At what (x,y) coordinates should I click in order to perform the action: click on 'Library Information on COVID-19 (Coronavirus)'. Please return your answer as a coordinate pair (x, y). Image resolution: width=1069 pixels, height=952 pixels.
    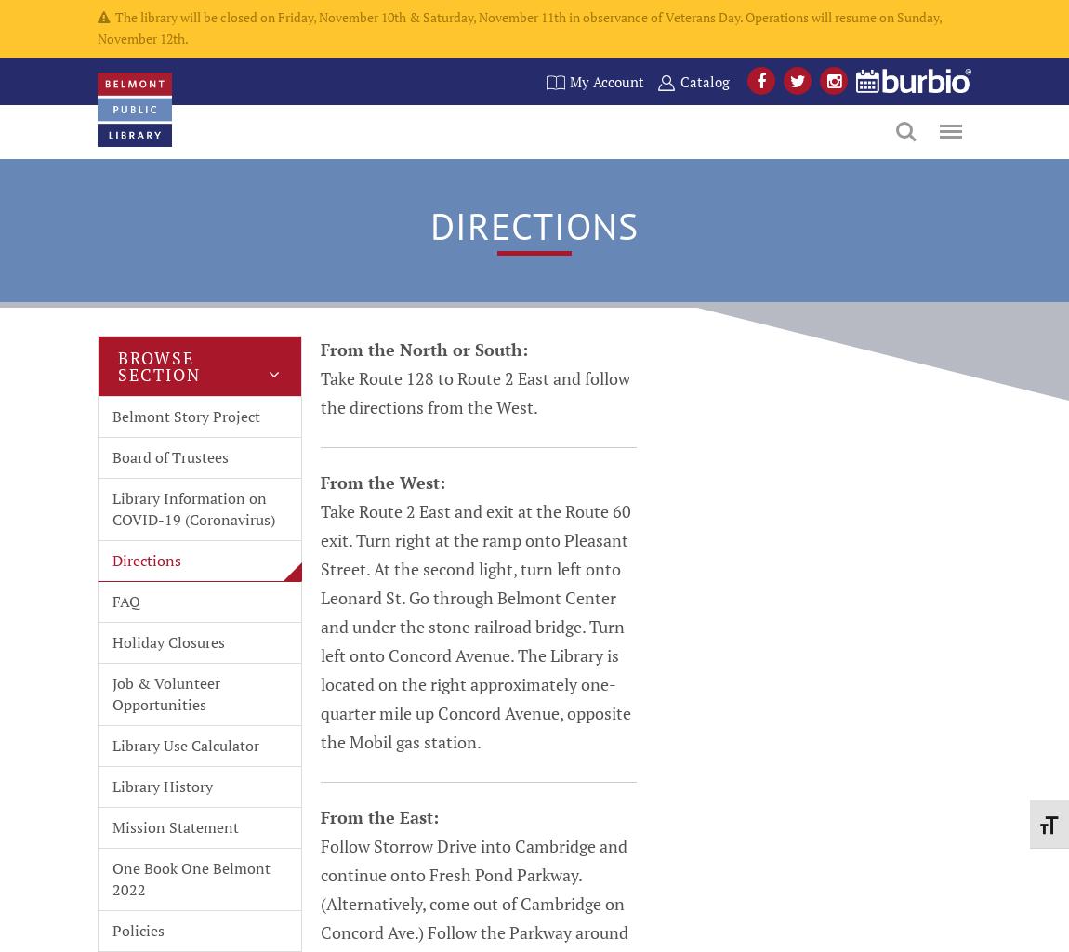
    Looking at the image, I should click on (192, 508).